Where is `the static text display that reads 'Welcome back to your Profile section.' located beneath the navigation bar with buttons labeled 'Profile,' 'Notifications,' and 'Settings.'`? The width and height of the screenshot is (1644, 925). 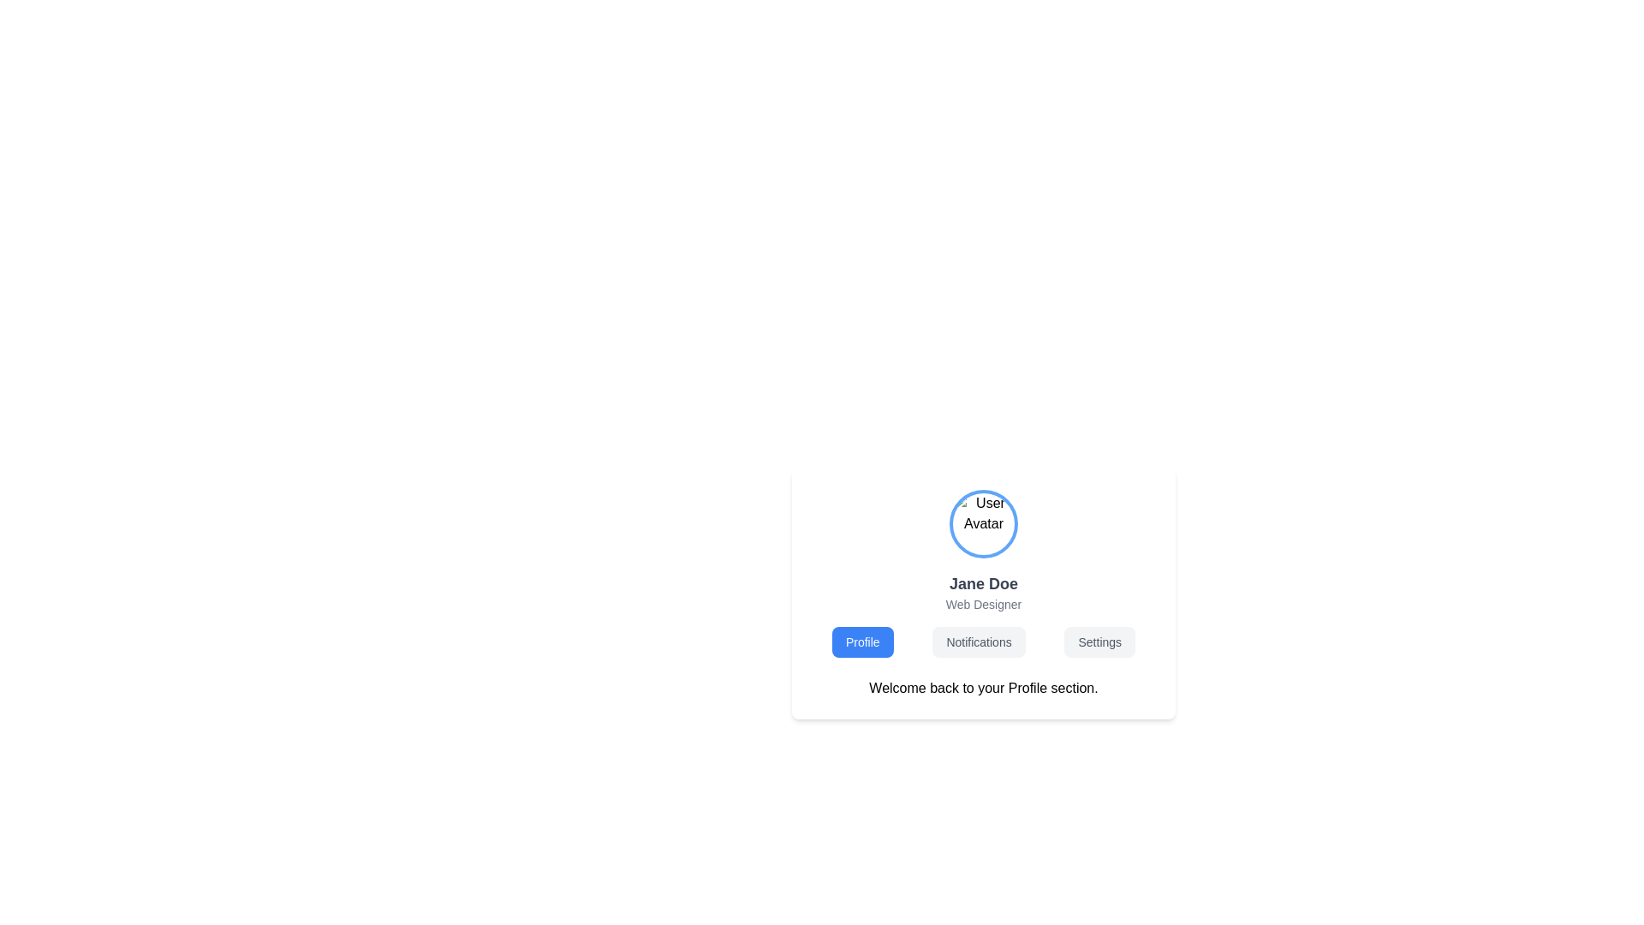
the static text display that reads 'Welcome back to your Profile section.' located beneath the navigation bar with buttons labeled 'Profile,' 'Notifications,' and 'Settings.' is located at coordinates (983, 687).